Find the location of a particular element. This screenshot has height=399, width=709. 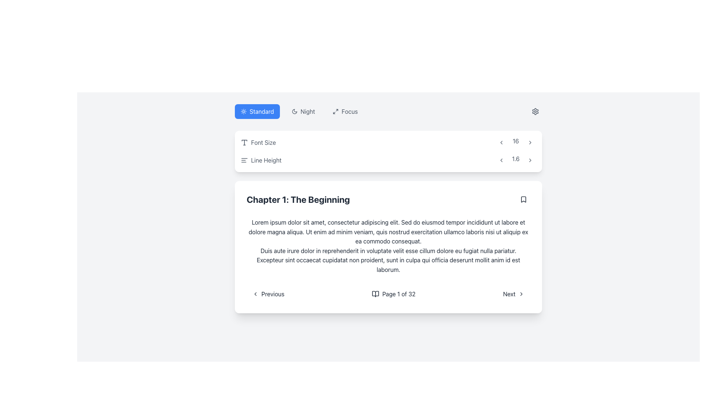

the compact button-like icon featuring an arrow in an expansion shape, located to the left of the text 'Focus' in the upper-right section of the interface is located at coordinates (335, 111).